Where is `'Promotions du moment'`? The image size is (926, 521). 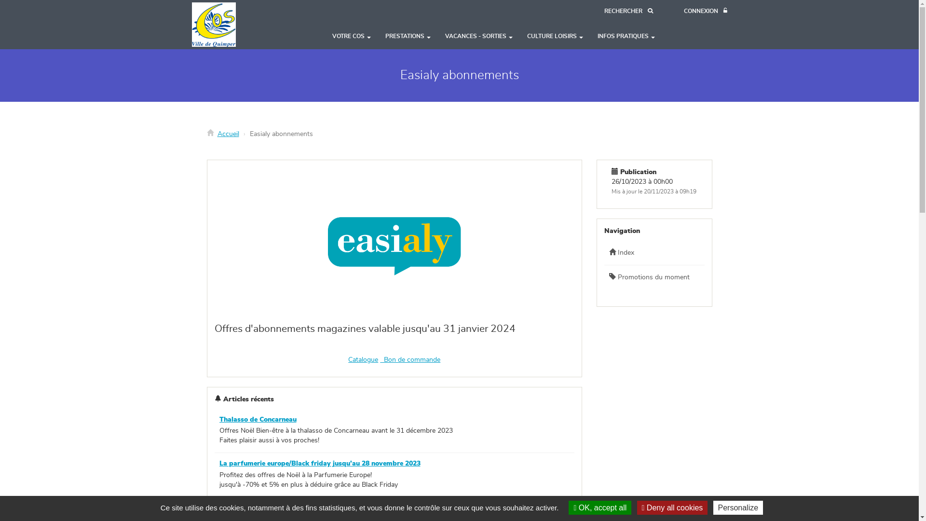 'Promotions du moment' is located at coordinates (654, 277).